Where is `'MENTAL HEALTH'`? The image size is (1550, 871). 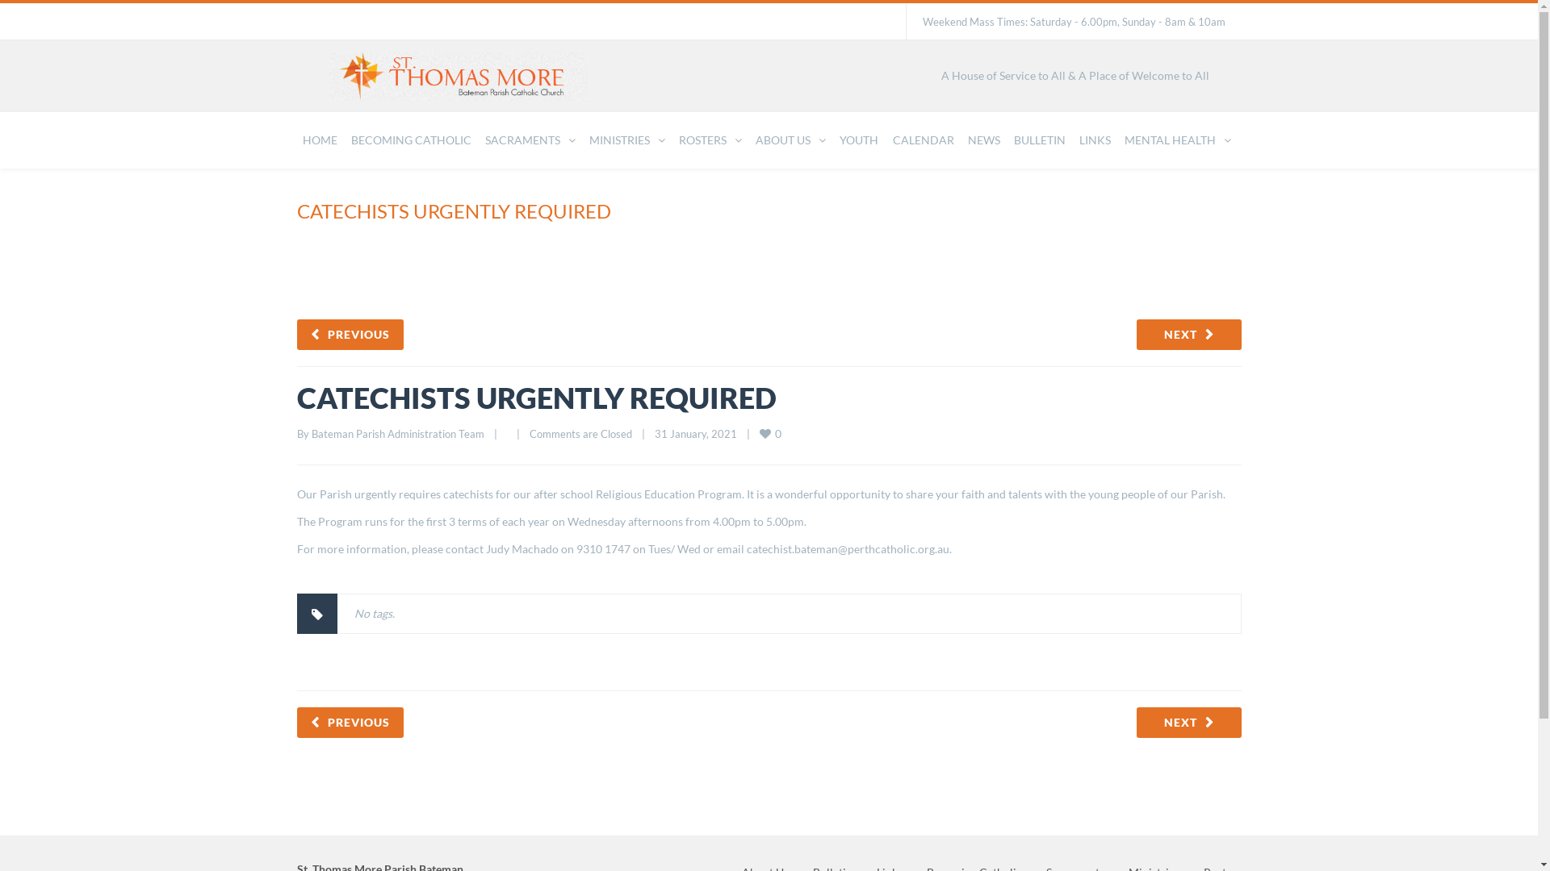 'MENTAL HEALTH' is located at coordinates (1178, 139).